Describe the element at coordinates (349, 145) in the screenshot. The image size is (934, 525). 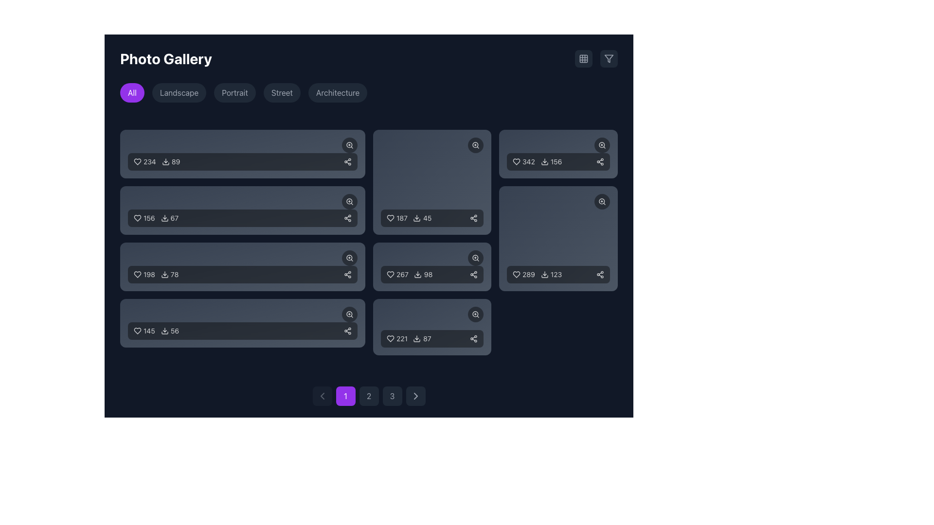
I see `the zoom button located at the top-right corner of the first rectangular card in the grid layout to zoom into the content or image it represents` at that location.